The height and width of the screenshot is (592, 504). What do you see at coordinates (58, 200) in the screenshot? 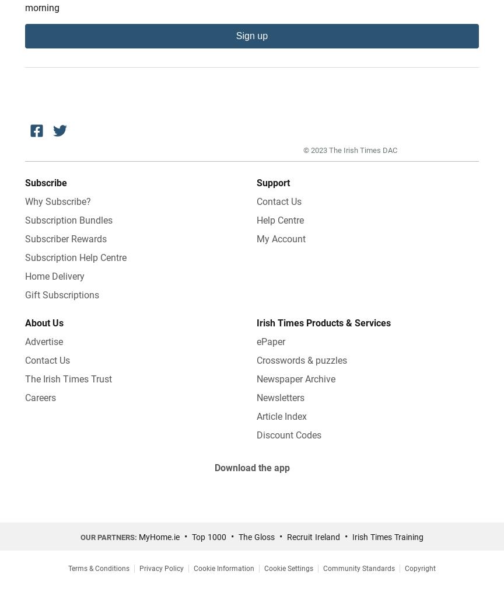
I see `'Why Subscribe?'` at bounding box center [58, 200].